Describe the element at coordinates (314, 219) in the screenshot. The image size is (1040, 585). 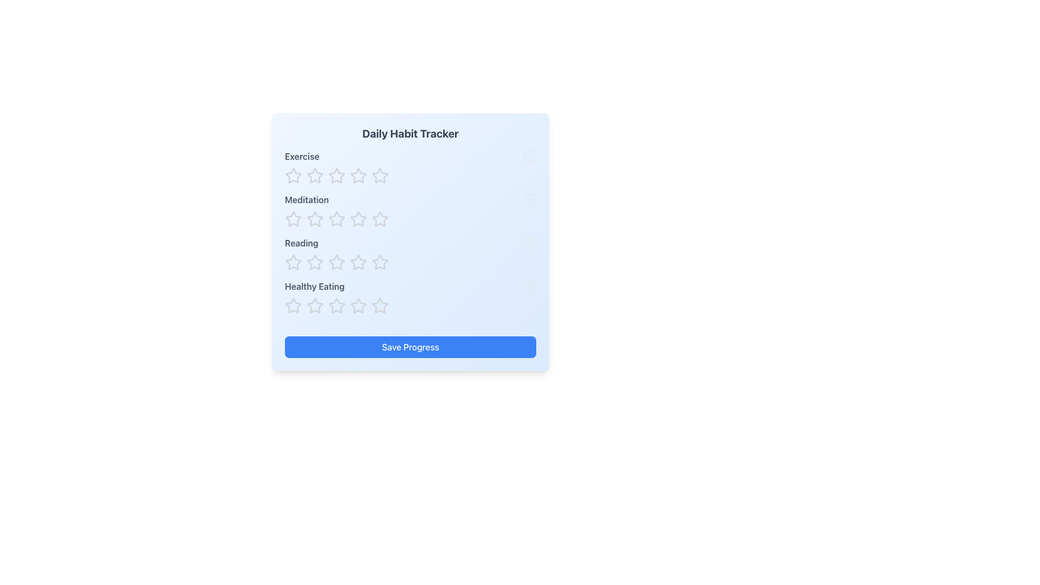
I see `the star icon in the second row labeled 'Meditation'` at that location.